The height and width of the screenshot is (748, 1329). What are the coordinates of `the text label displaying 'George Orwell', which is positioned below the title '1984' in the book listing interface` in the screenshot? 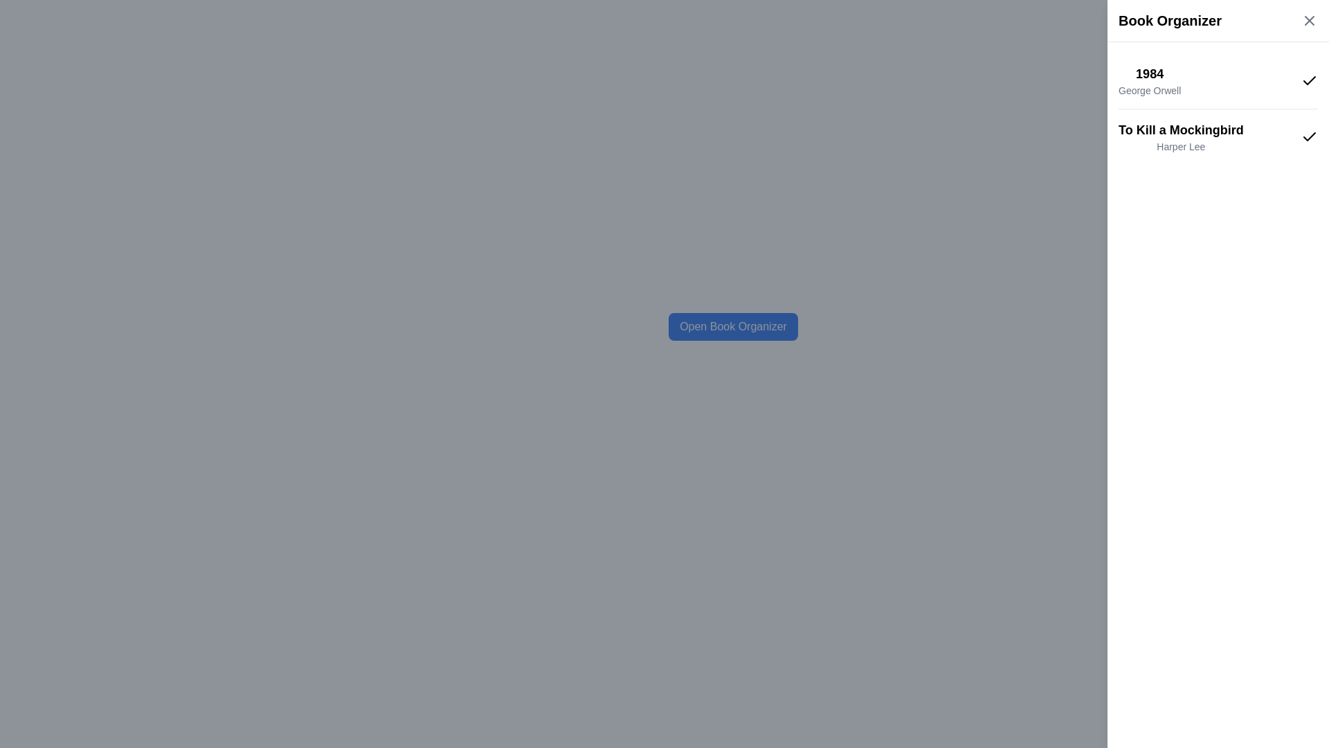 It's located at (1150, 91).